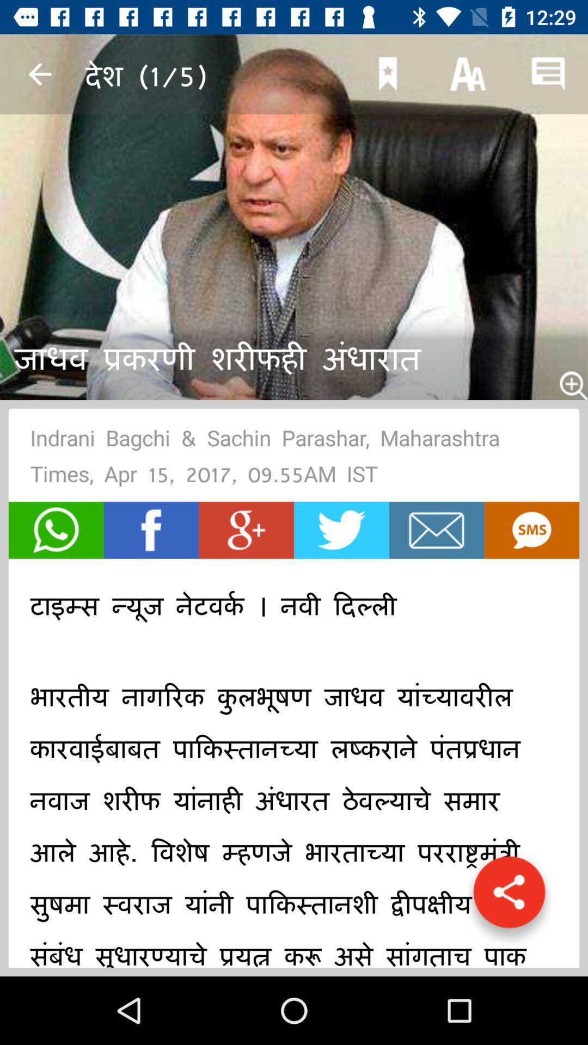  What do you see at coordinates (294, 459) in the screenshot?
I see `the indrani bagchi sachin item` at bounding box center [294, 459].